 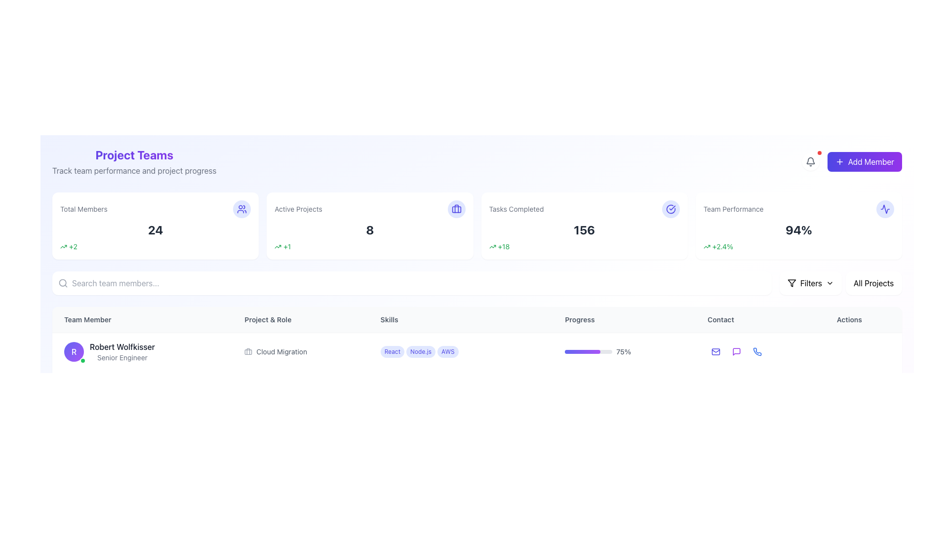 I want to click on the 'Add Member' button located in the top-right corner of the interface, so click(x=864, y=161).